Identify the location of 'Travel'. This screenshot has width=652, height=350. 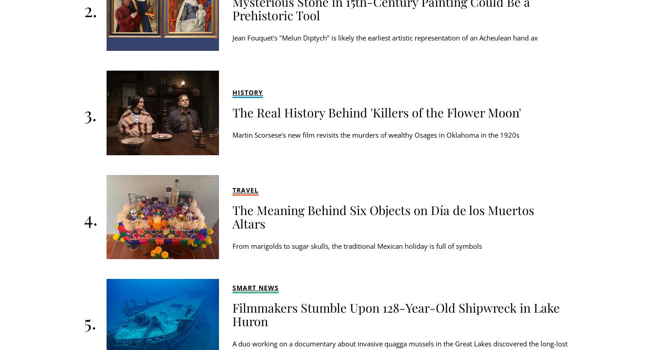
(246, 189).